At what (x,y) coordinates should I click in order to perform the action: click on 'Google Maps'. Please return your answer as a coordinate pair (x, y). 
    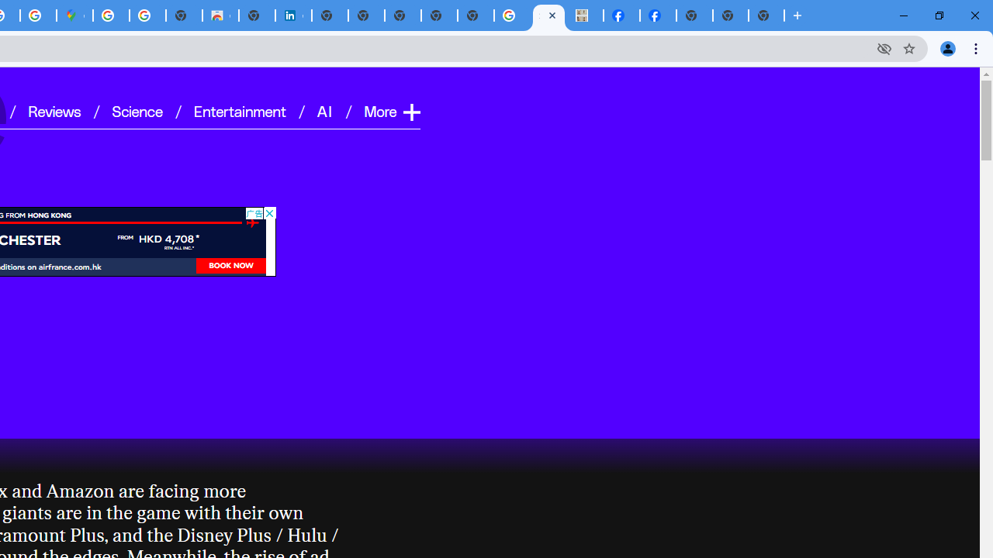
    Looking at the image, I should click on (74, 15).